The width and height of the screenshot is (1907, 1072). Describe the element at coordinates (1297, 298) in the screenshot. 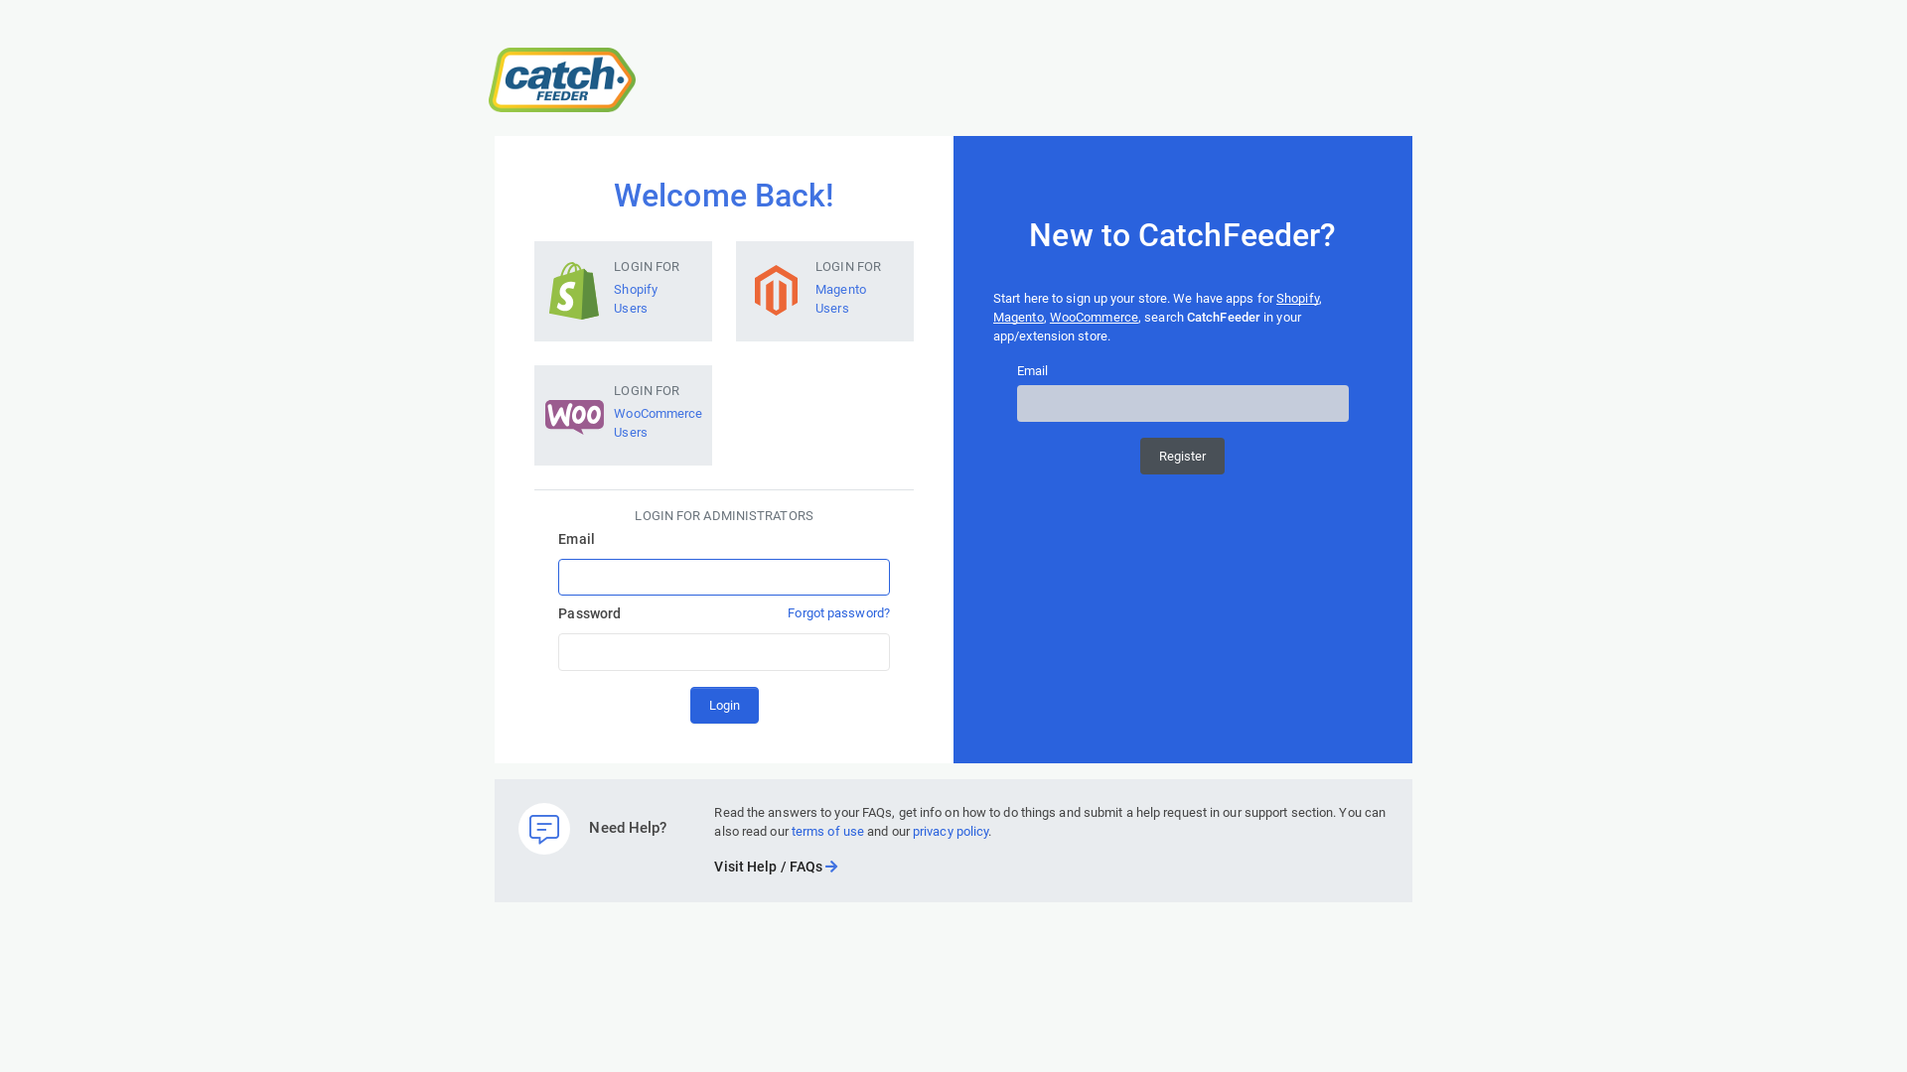

I see `'Shopify'` at that location.